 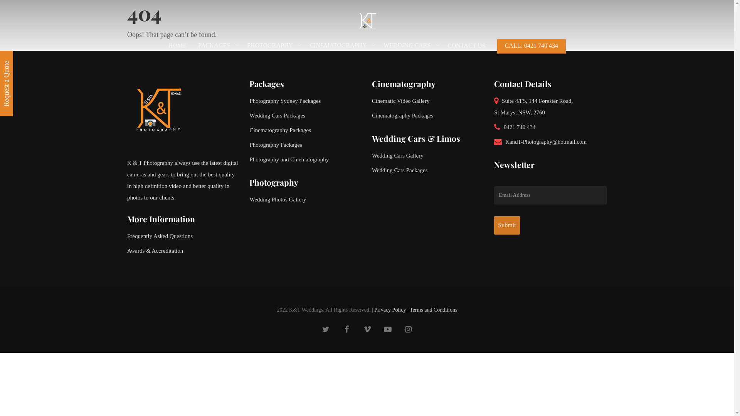 I want to click on 'Terms and Conditions', so click(x=409, y=309).